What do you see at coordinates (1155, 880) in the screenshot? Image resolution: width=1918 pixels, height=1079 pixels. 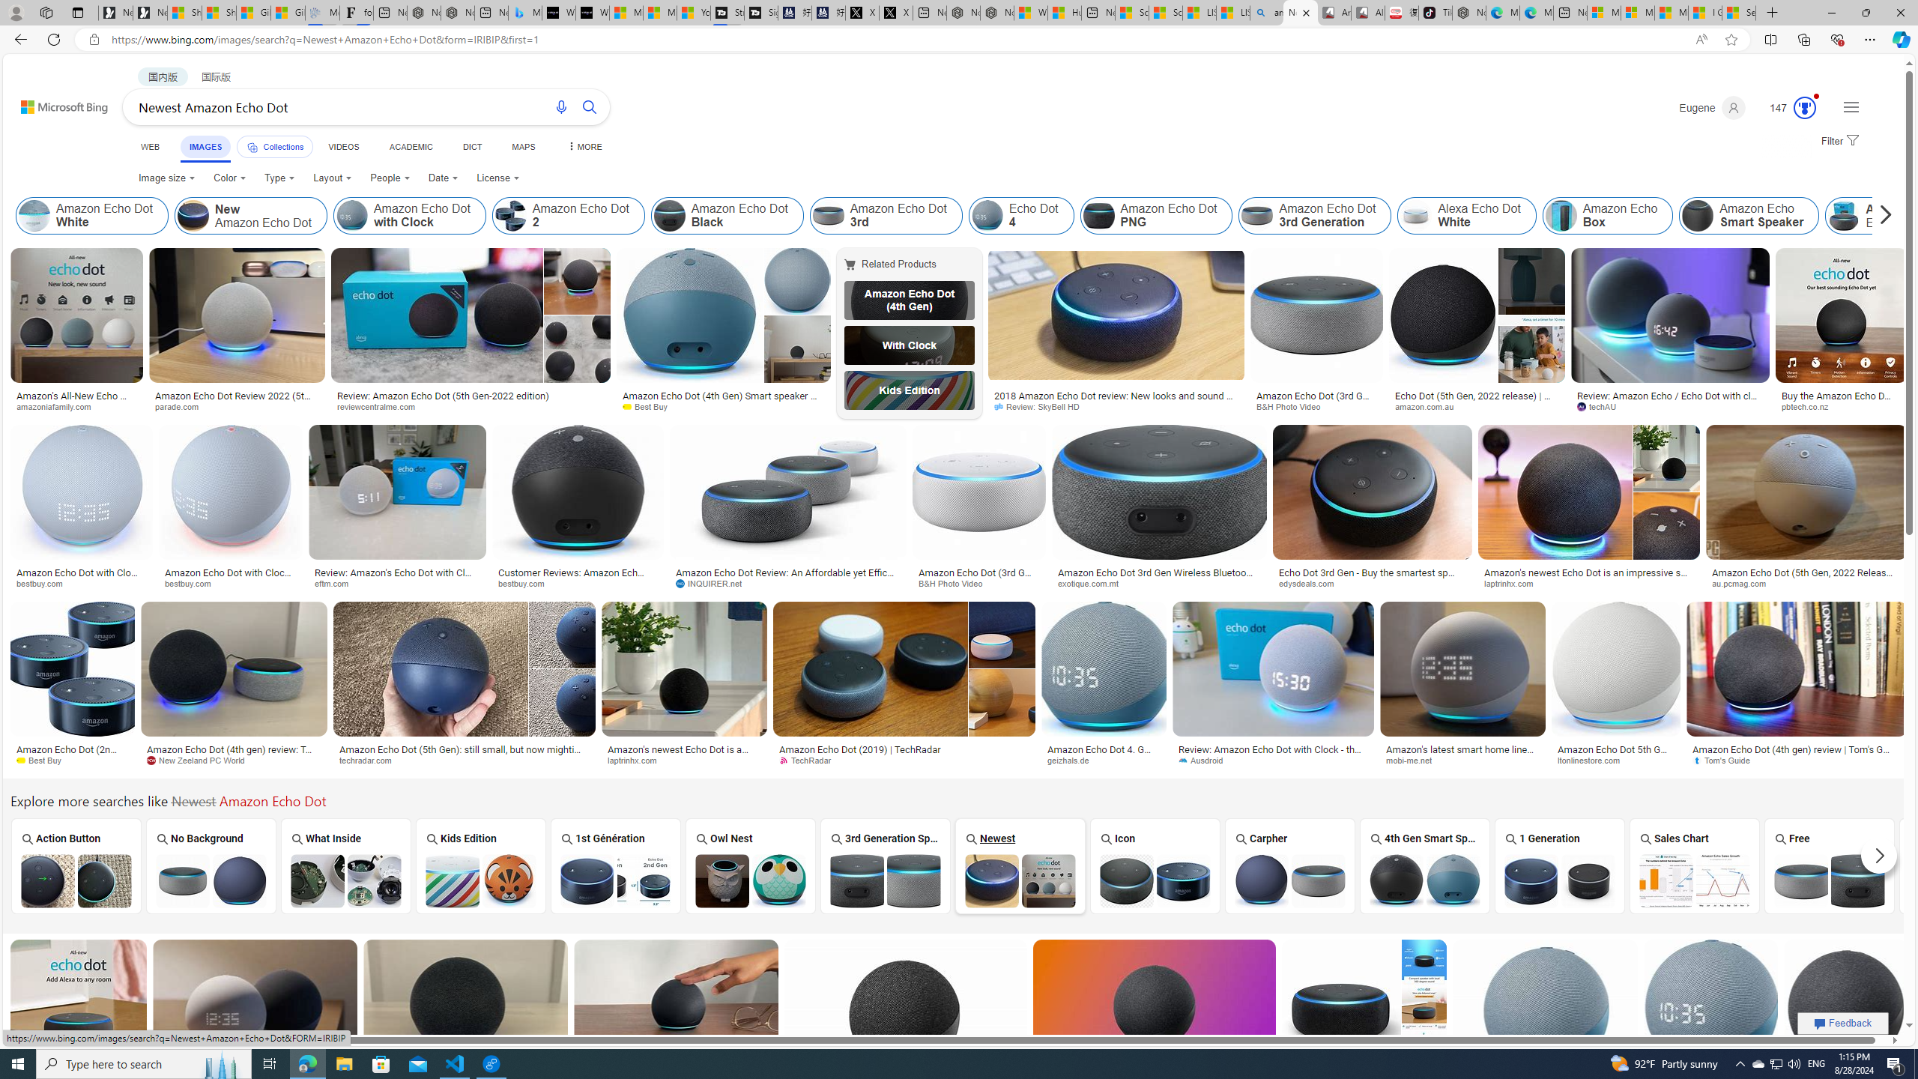 I see `'Amazon Echo Dot Icon'` at bounding box center [1155, 880].